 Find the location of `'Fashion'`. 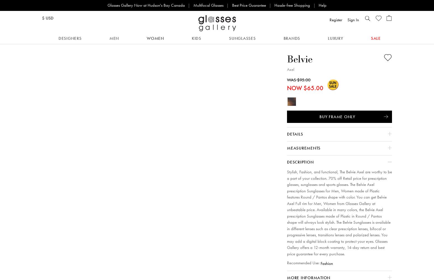

'Fashion' is located at coordinates (326, 263).